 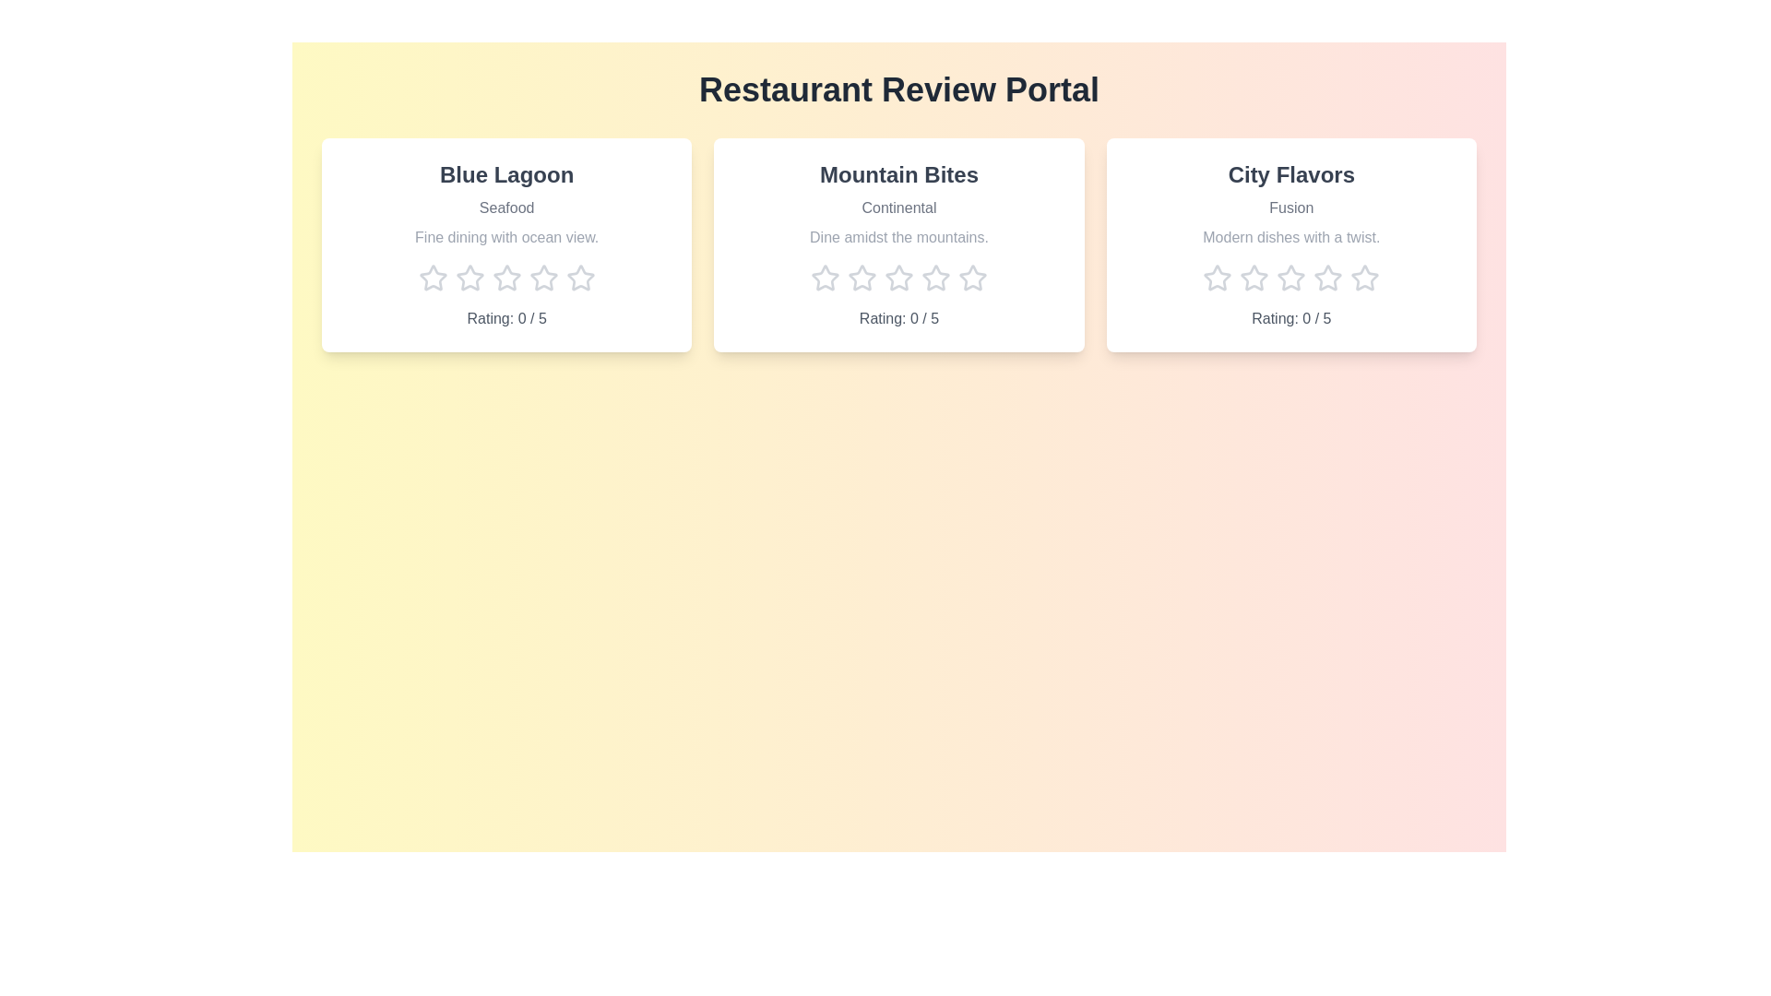 What do you see at coordinates (579, 278) in the screenshot?
I see `the star corresponding to 5 stars for the 'Blue Lagoon' restaurant` at bounding box center [579, 278].